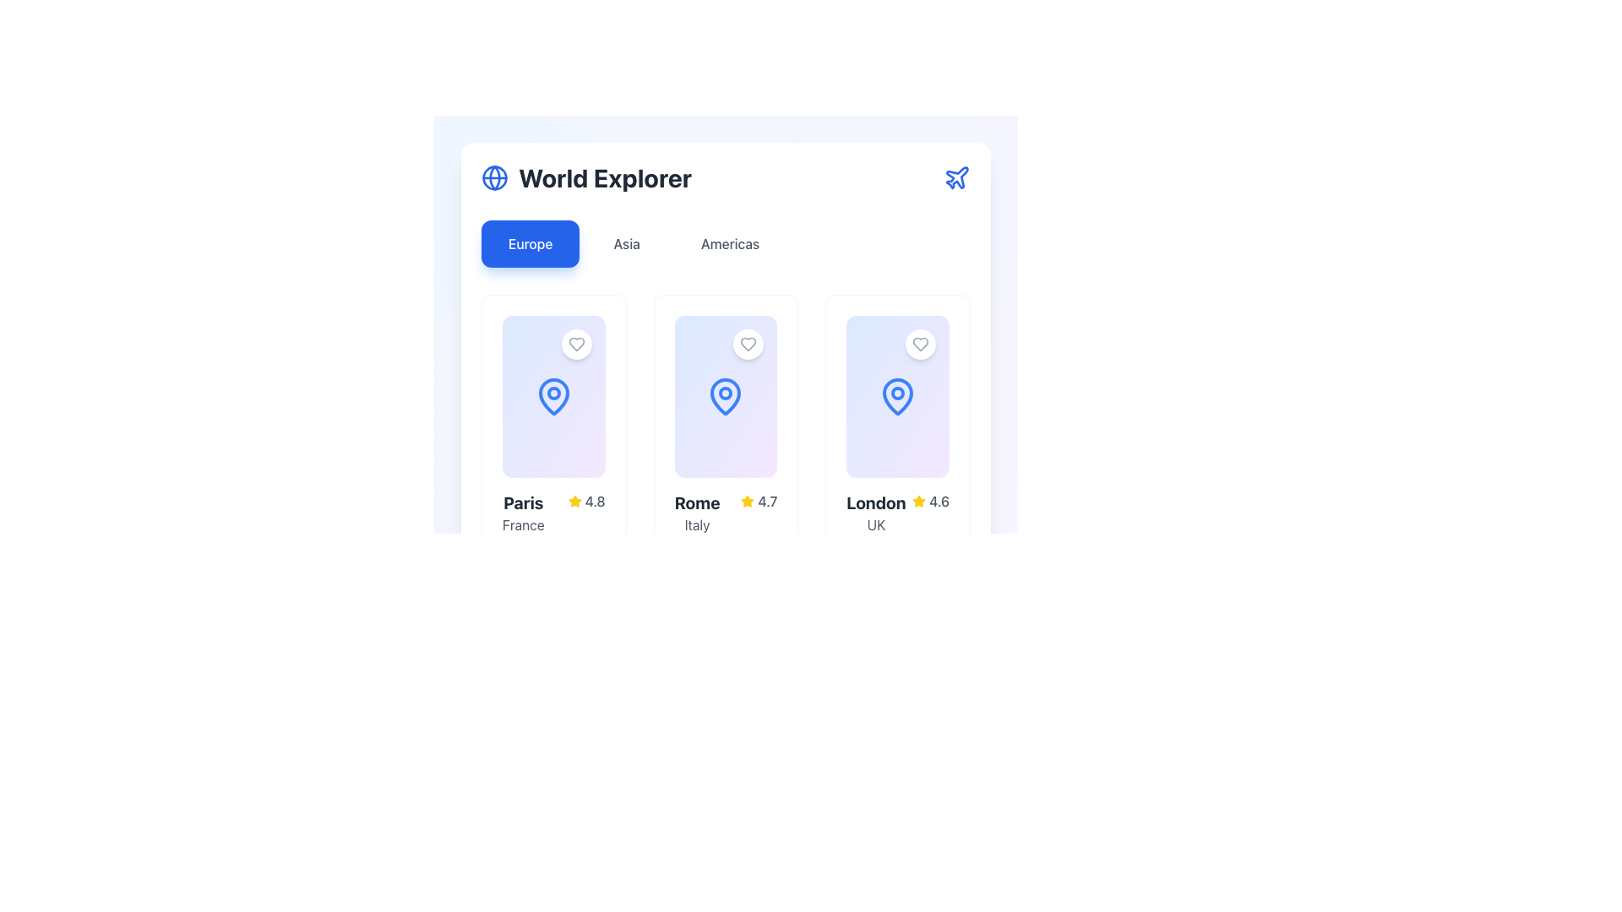  I want to click on the heart icon located in the top-right corner of the third card under the 'London' section heading to favorite the item, so click(919, 344).